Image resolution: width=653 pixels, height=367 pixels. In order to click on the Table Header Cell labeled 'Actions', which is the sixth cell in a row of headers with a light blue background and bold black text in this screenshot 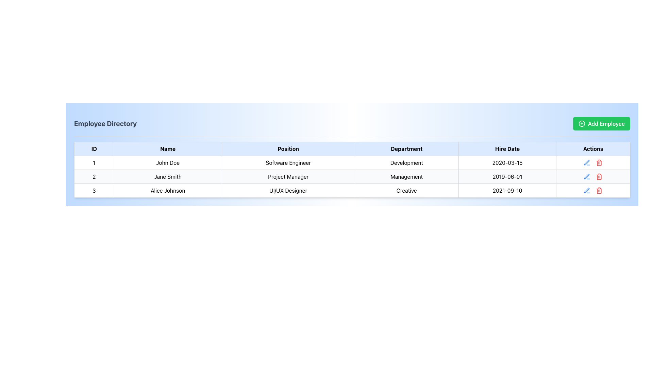, I will do `click(593, 148)`.